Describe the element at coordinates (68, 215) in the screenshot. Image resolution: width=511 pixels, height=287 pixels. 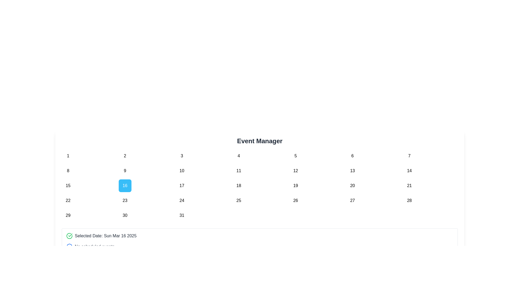
I see `the day selector button located in the sixth row and first column of the calendar interface` at that location.